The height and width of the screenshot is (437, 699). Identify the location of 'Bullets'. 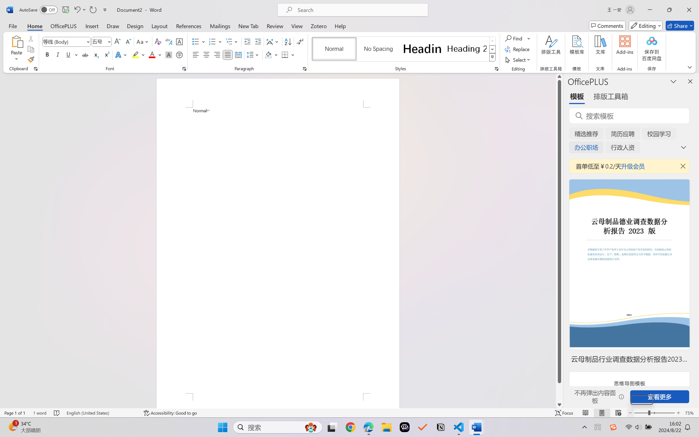
(196, 42).